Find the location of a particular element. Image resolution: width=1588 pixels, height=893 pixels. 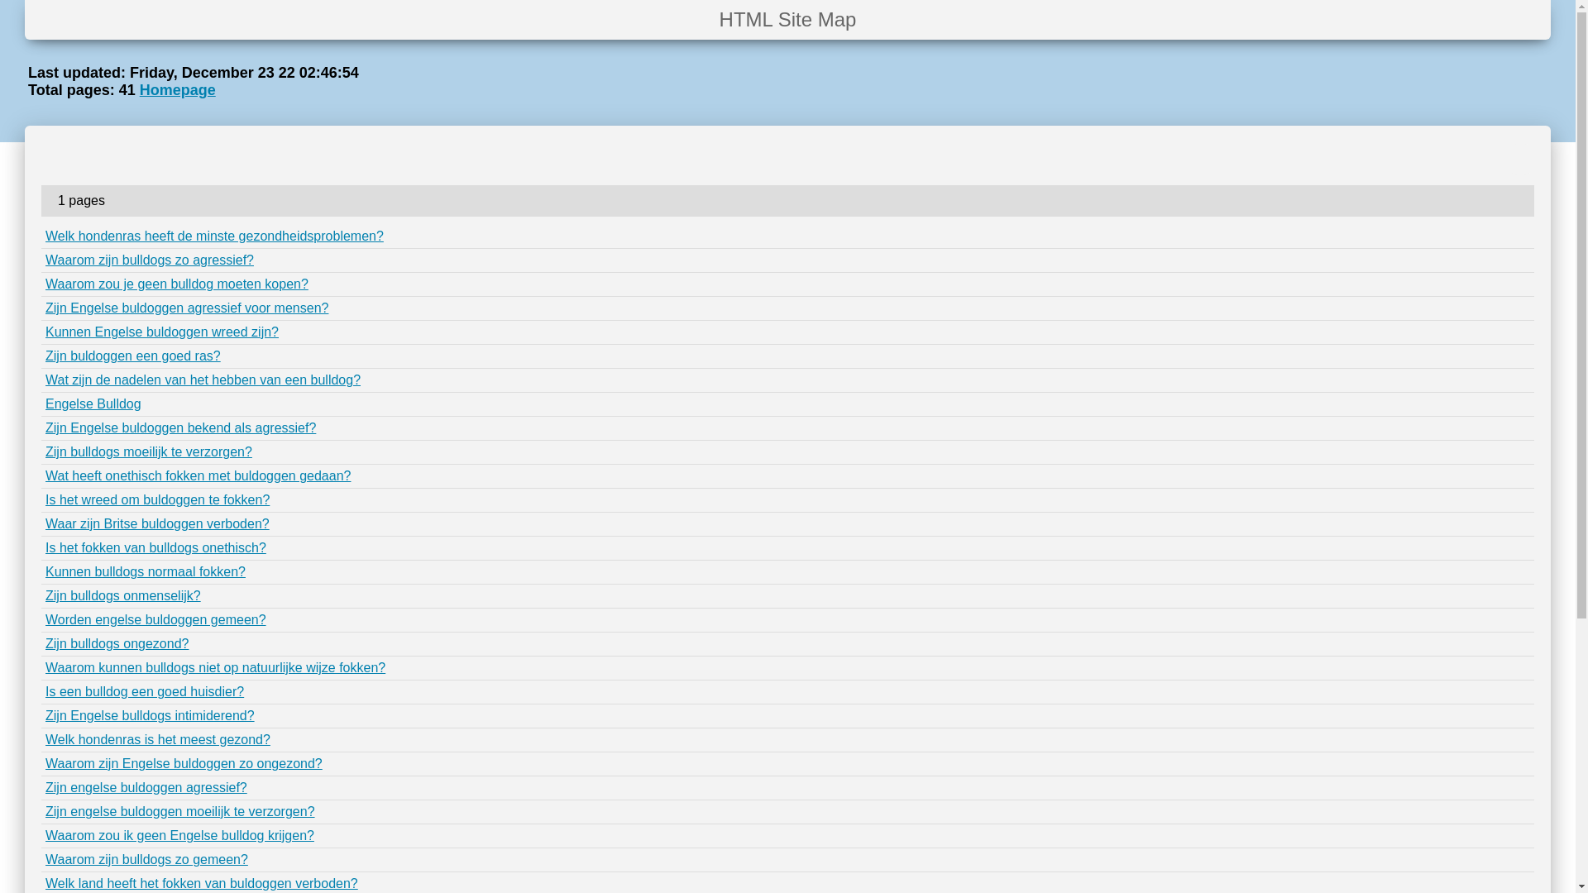

'Is het wreed om buldoggen te fokken?' is located at coordinates (157, 499).